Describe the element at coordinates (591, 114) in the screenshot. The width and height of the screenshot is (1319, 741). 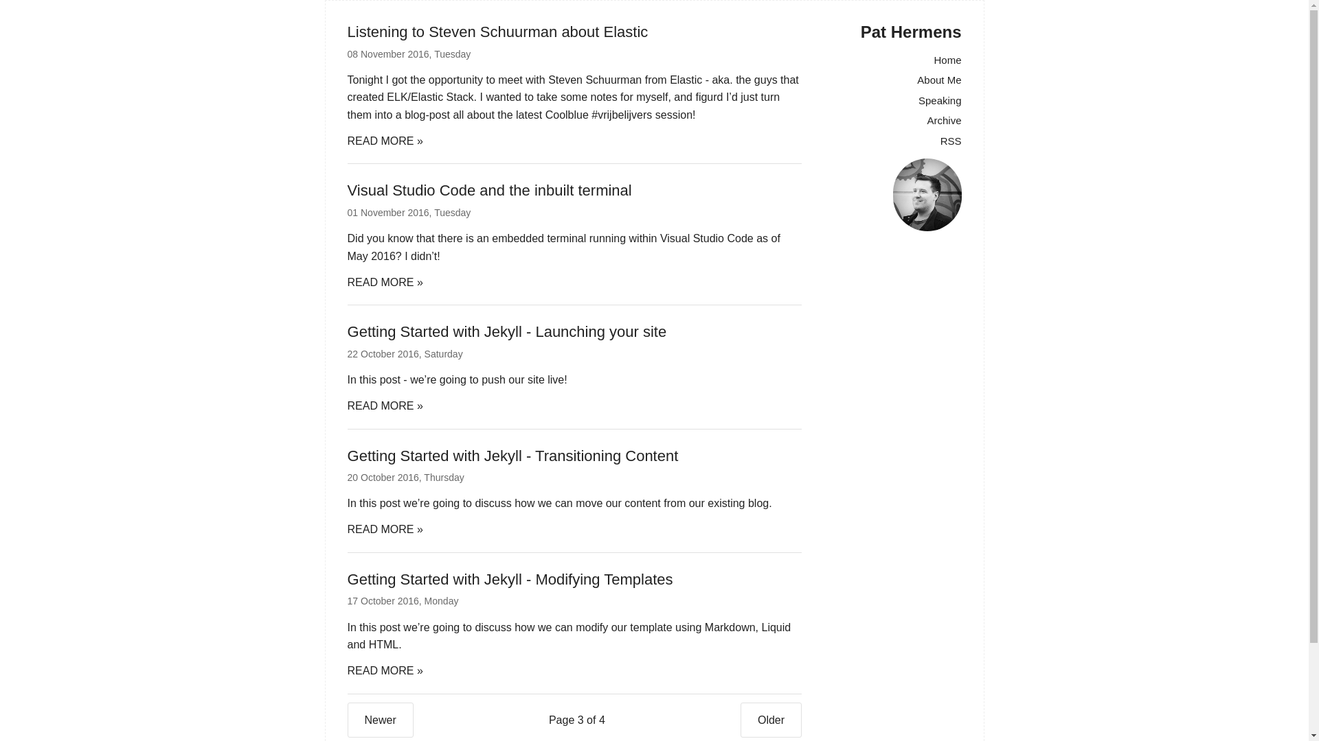
I see `'#vrijbelijvers'` at that location.